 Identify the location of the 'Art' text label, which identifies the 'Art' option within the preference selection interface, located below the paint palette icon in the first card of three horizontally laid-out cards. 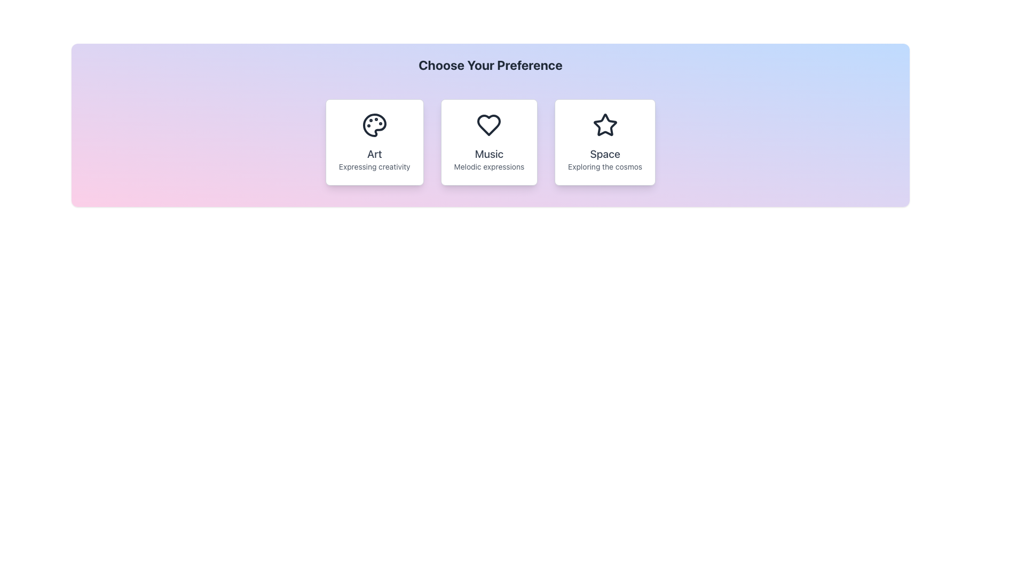
(374, 159).